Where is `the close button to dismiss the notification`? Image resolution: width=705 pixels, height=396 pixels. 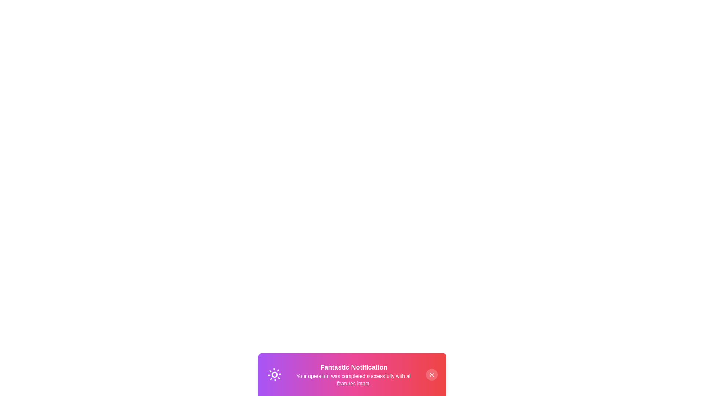 the close button to dismiss the notification is located at coordinates (432, 375).